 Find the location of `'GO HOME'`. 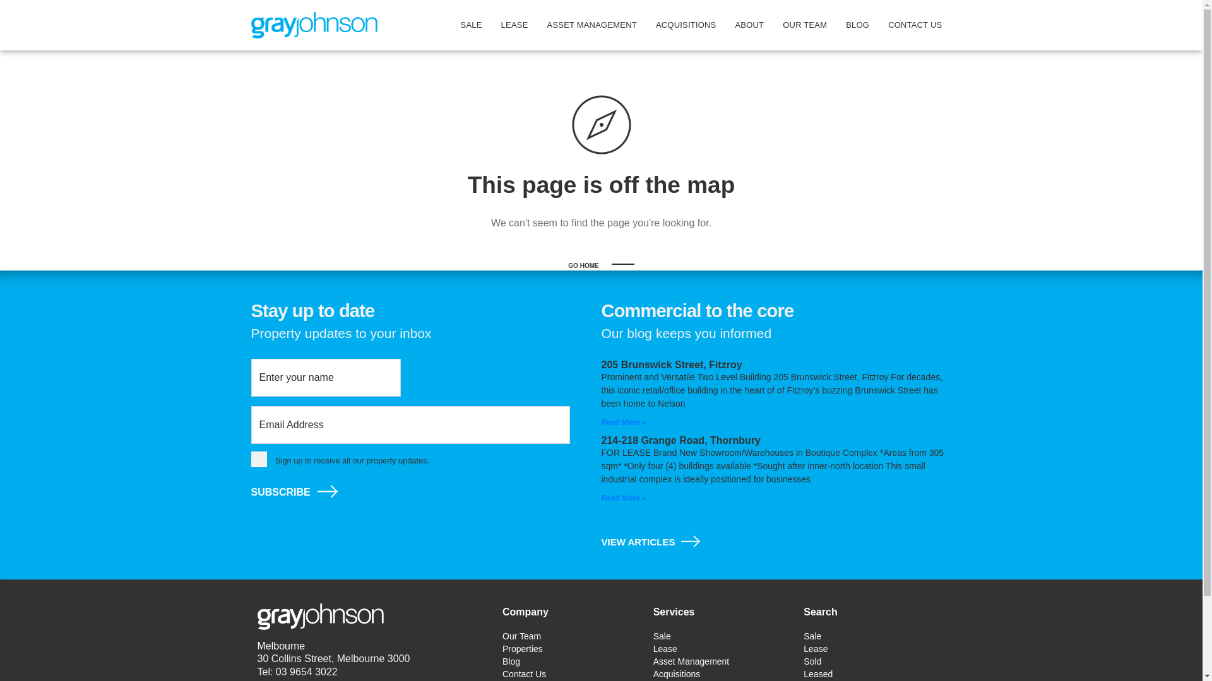

'GO HOME' is located at coordinates (600, 265).